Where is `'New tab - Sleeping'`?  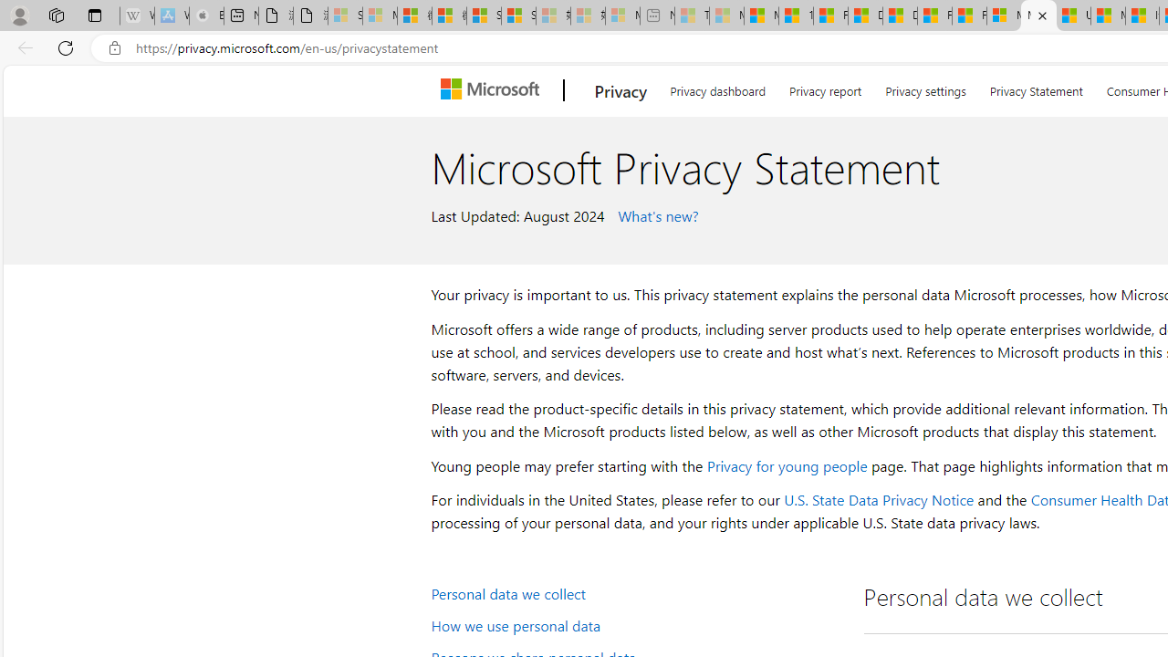 'New tab - Sleeping' is located at coordinates (657, 16).